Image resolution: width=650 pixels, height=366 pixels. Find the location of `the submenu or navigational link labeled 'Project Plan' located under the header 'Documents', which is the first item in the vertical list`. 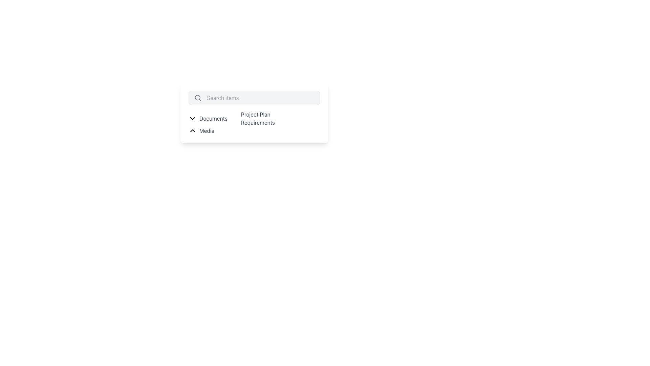

the submenu or navigational link labeled 'Project Plan' located under the header 'Documents', which is the first item in the vertical list is located at coordinates (255, 114).